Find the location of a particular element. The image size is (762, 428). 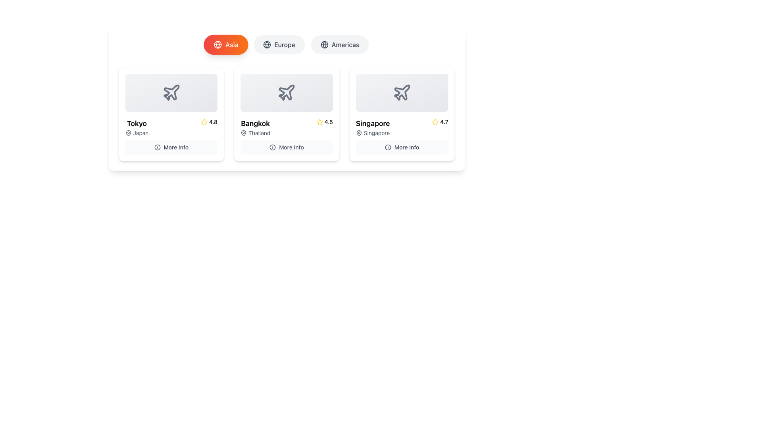

the Icon (Plane symbol) representing travel related to the city of Tokyo, which is centrally located in the upper section of the Tokyo card is located at coordinates (171, 92).